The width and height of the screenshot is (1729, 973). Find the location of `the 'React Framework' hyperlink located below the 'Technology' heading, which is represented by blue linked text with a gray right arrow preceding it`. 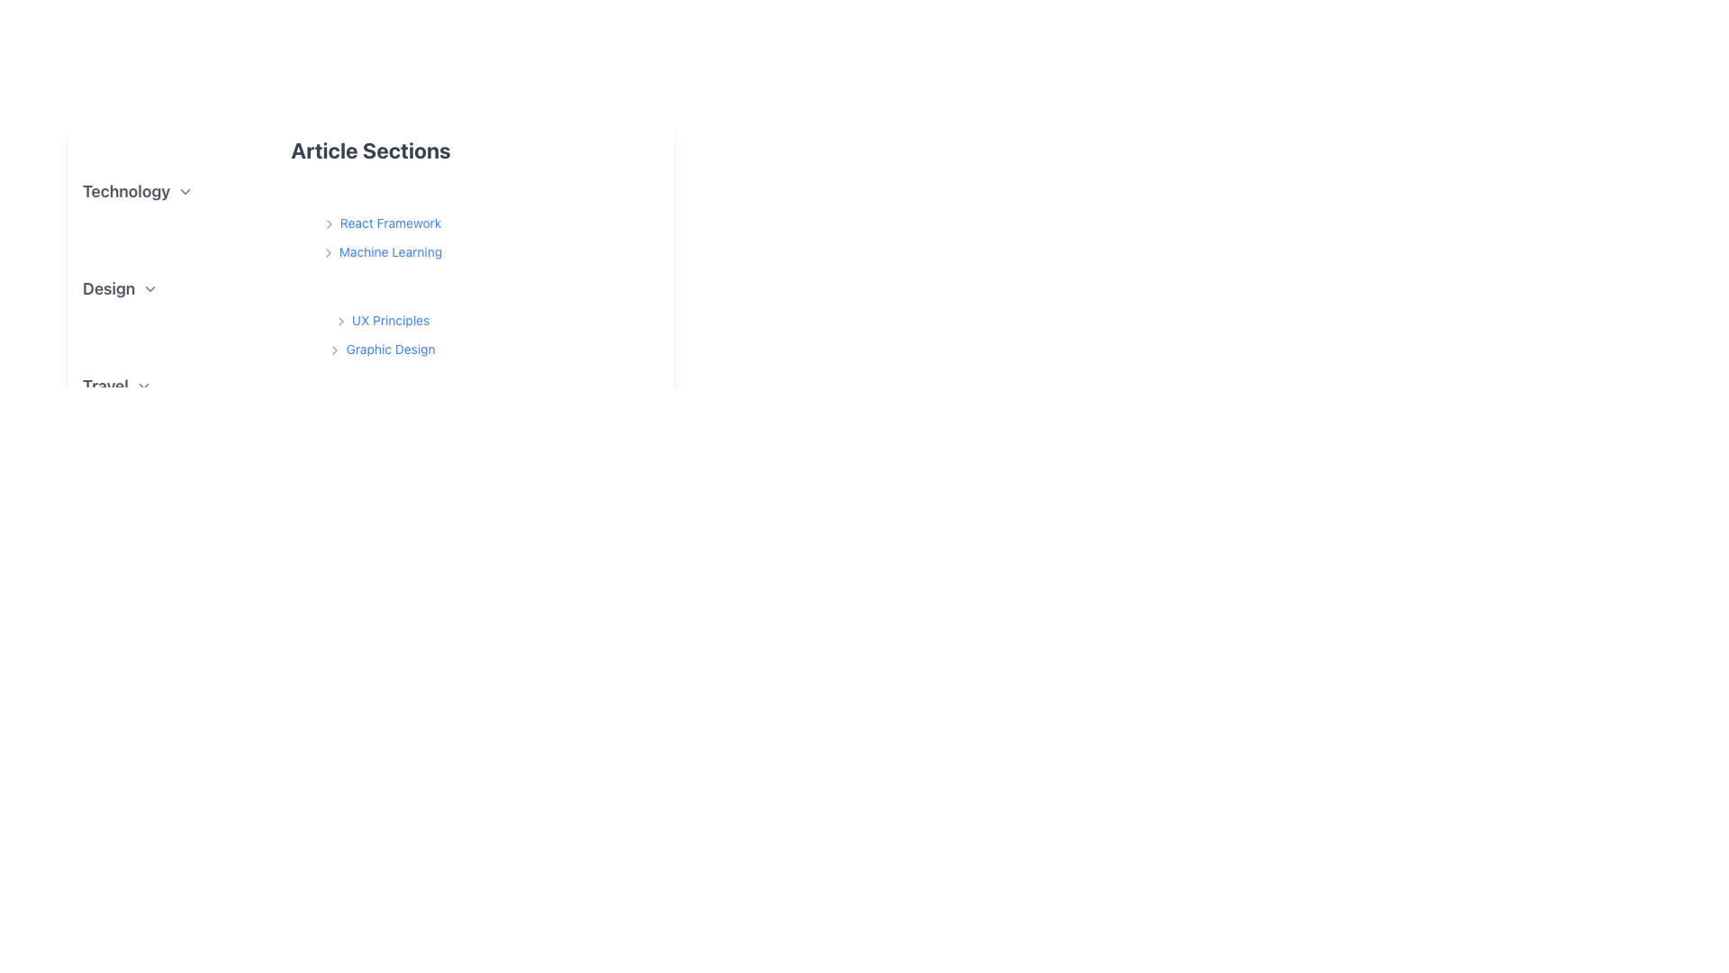

the 'React Framework' hyperlink located below the 'Technology' heading, which is represented by blue linked text with a gray right arrow preceding it is located at coordinates (380, 235).